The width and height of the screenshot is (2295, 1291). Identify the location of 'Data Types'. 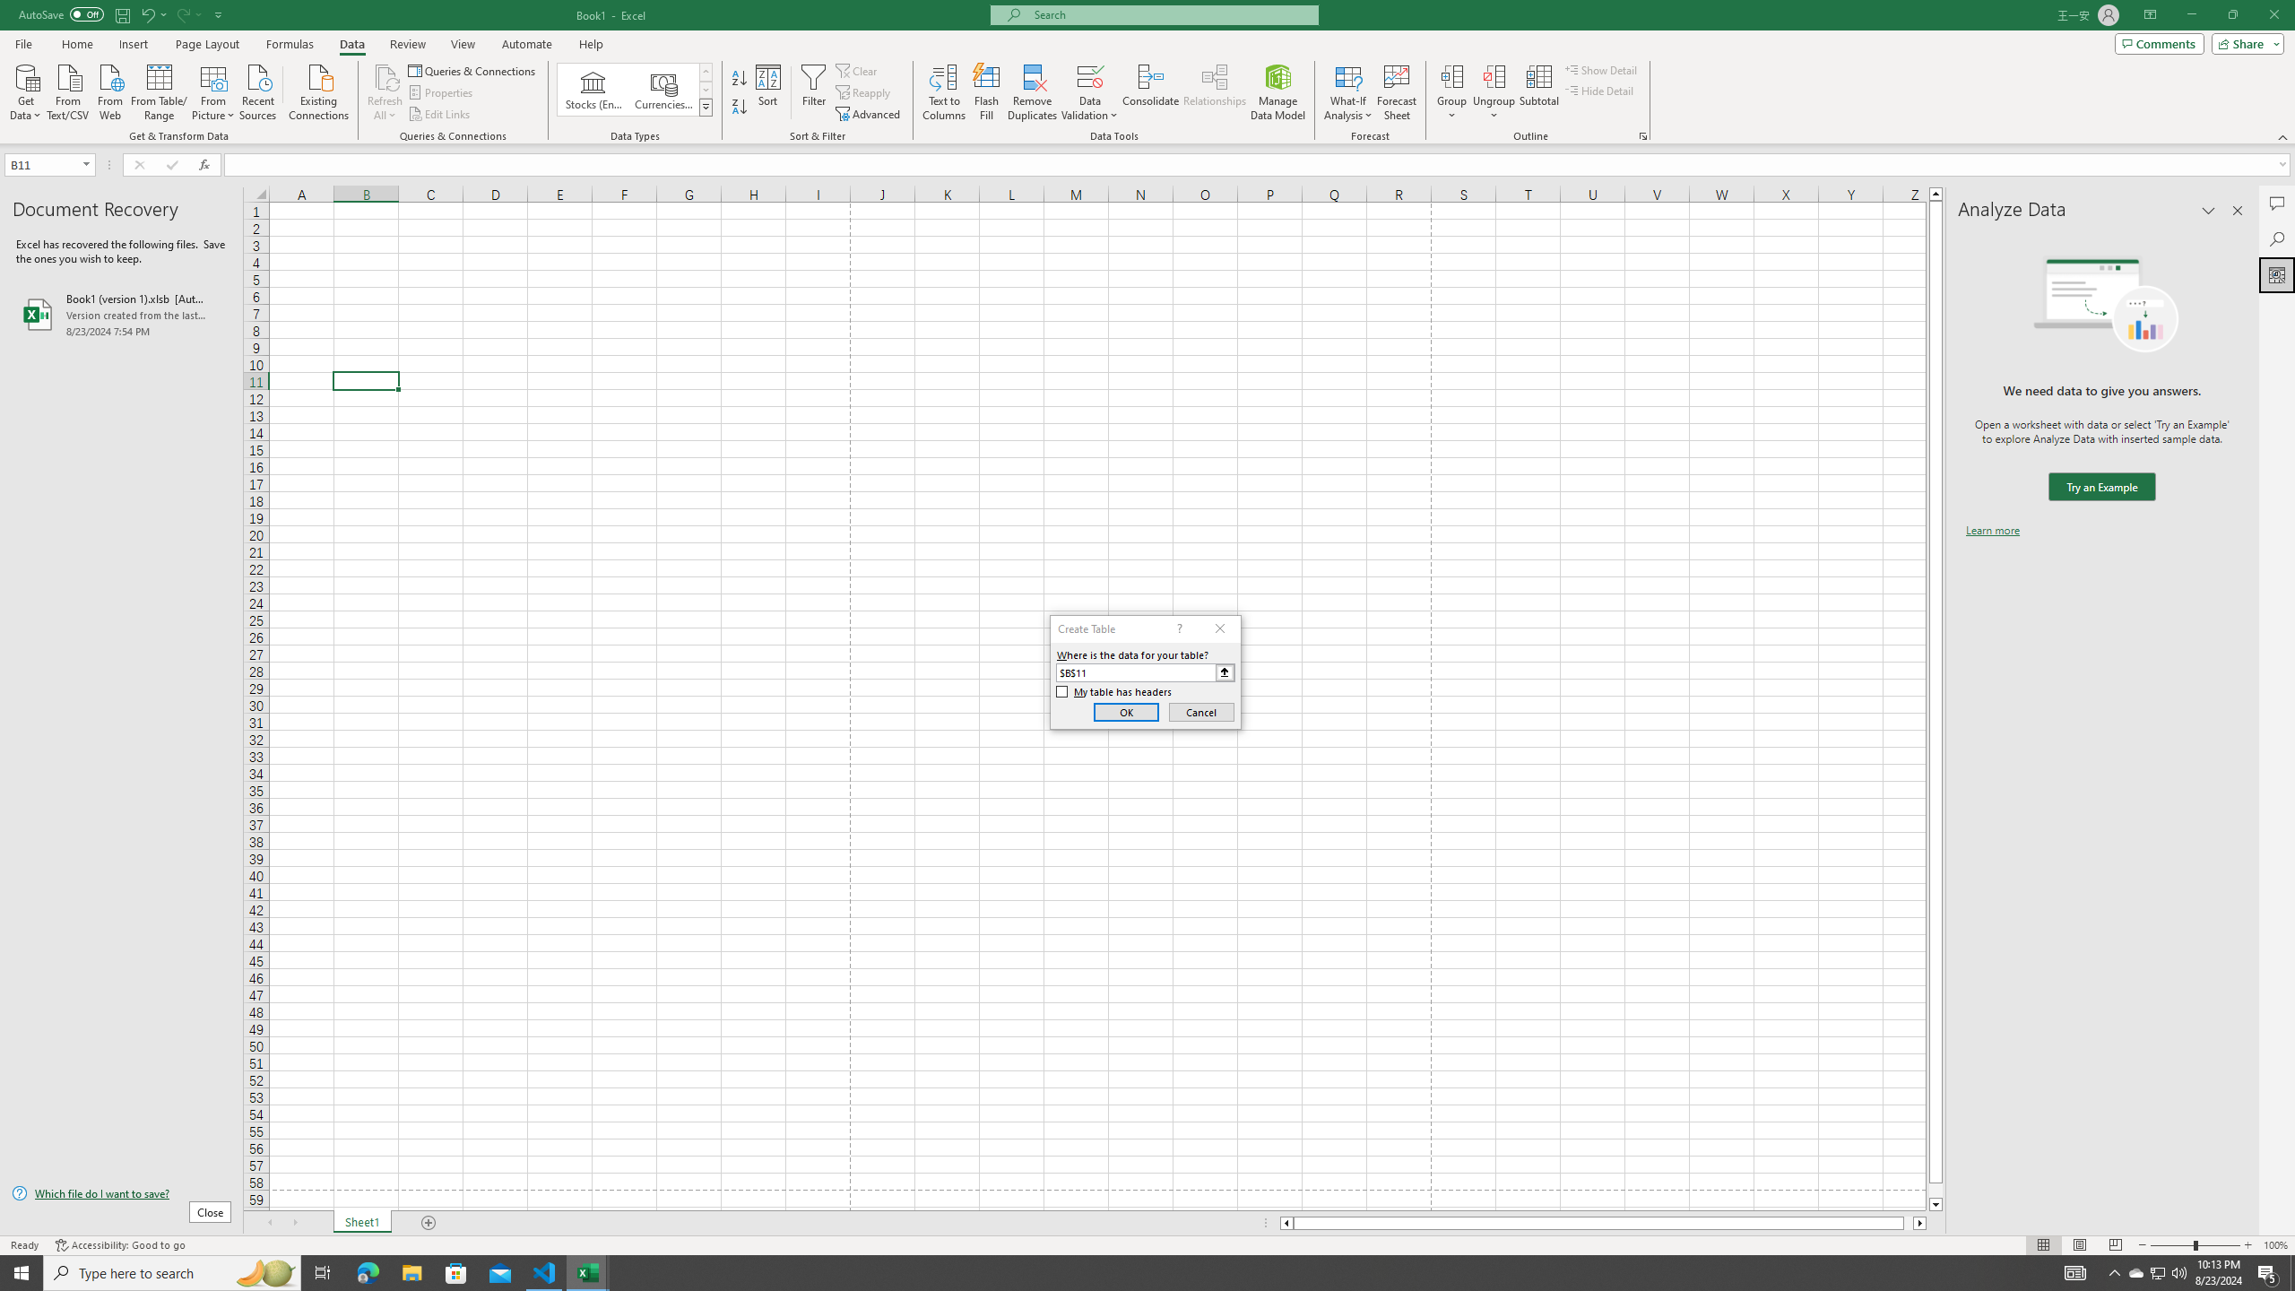
(706, 106).